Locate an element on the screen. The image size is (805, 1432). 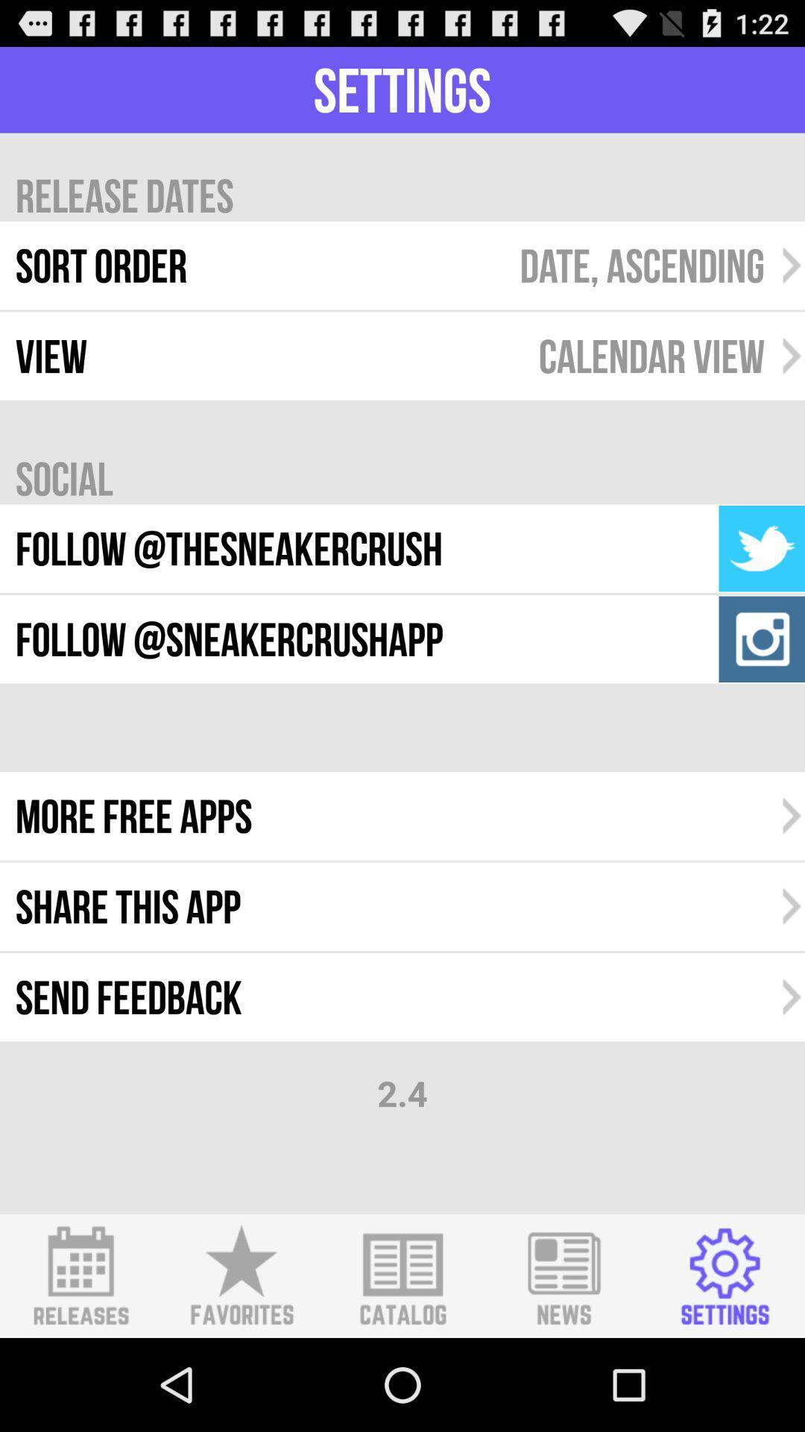
the item next to view item is located at coordinates (651, 355).